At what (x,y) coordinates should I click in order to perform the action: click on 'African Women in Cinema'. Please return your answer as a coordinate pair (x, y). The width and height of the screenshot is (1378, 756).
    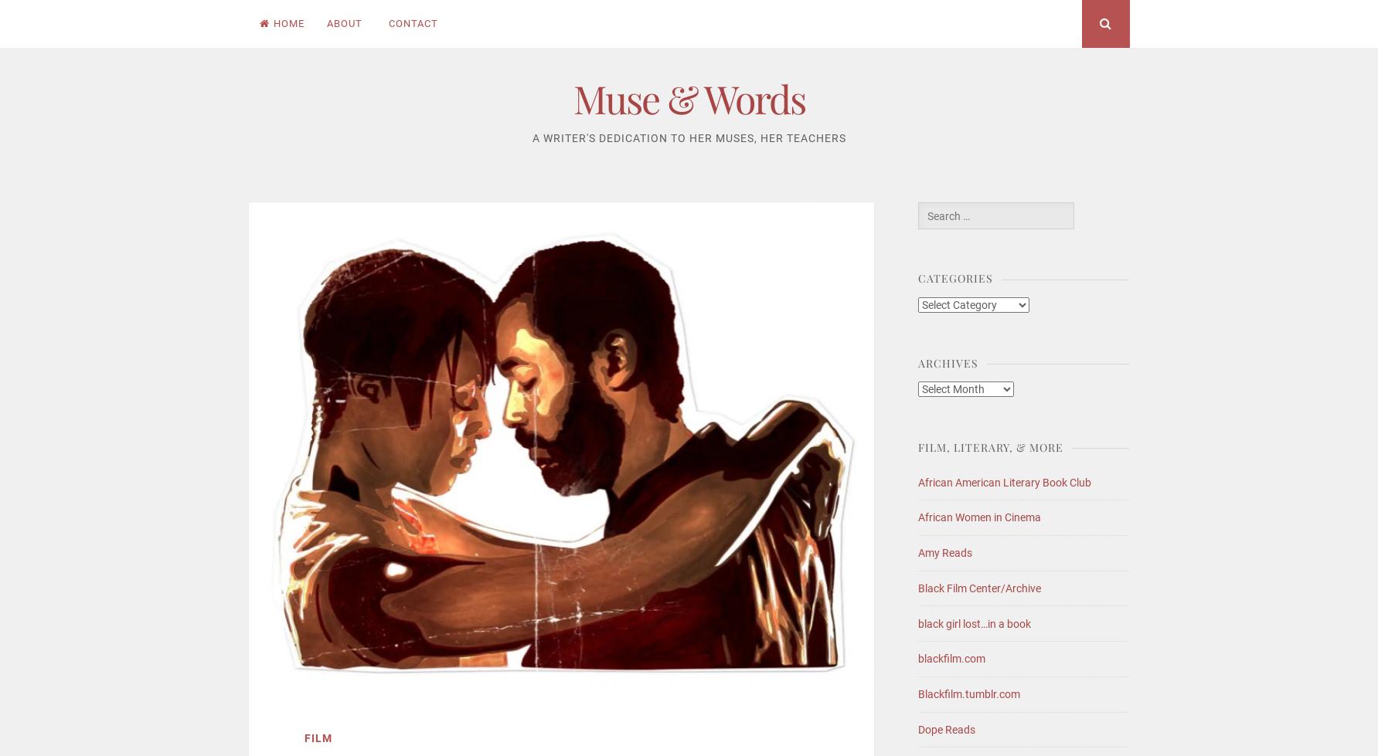
    Looking at the image, I should click on (978, 517).